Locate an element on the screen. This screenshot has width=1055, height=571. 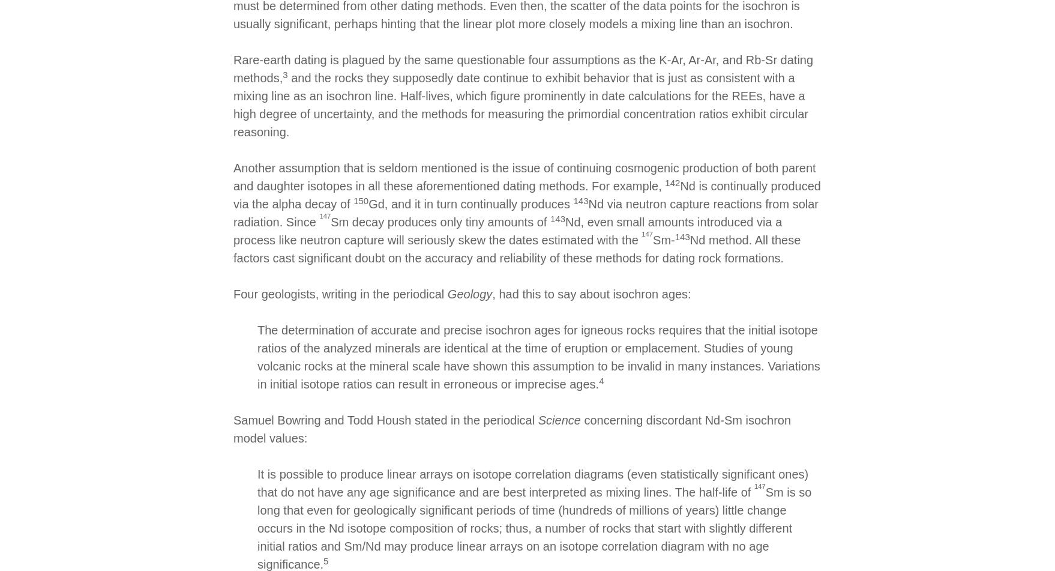
'Sm decay produces only tiny amounts of' is located at coordinates (439, 222).